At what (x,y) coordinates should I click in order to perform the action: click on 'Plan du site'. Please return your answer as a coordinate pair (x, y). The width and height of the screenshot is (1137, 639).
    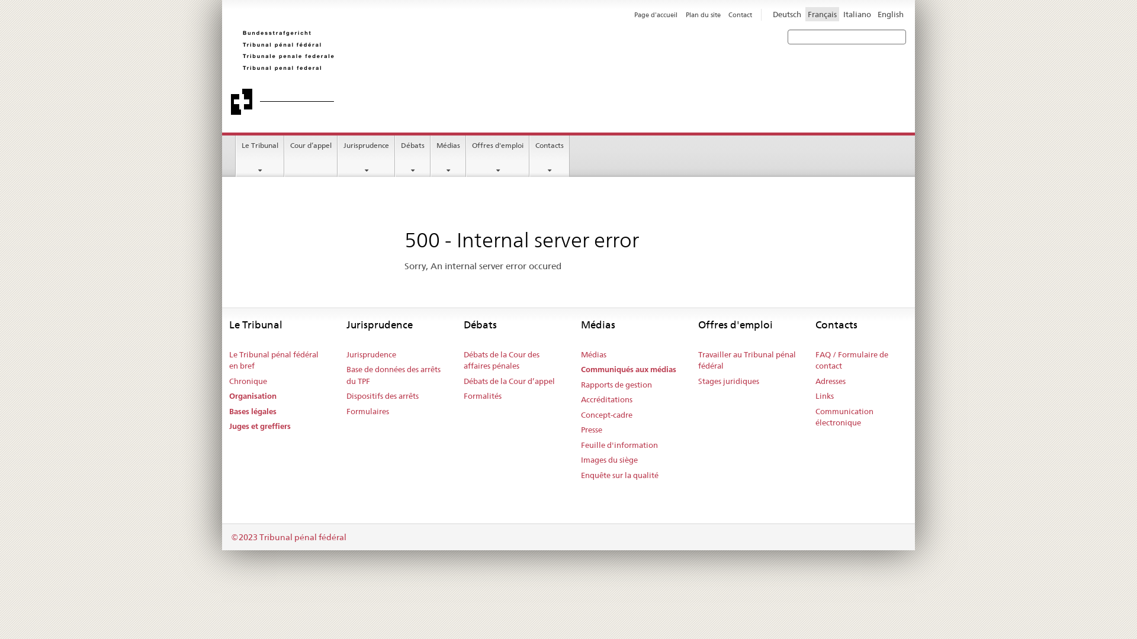
    Looking at the image, I should click on (703, 14).